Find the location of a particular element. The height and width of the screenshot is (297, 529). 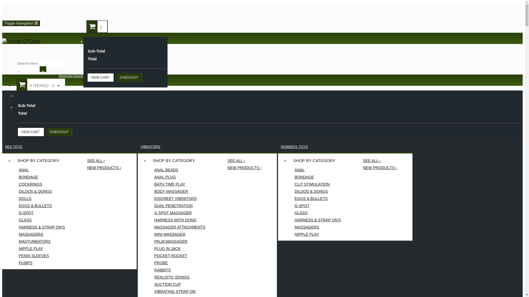

'BONDAGE' is located at coordinates (317, 177).